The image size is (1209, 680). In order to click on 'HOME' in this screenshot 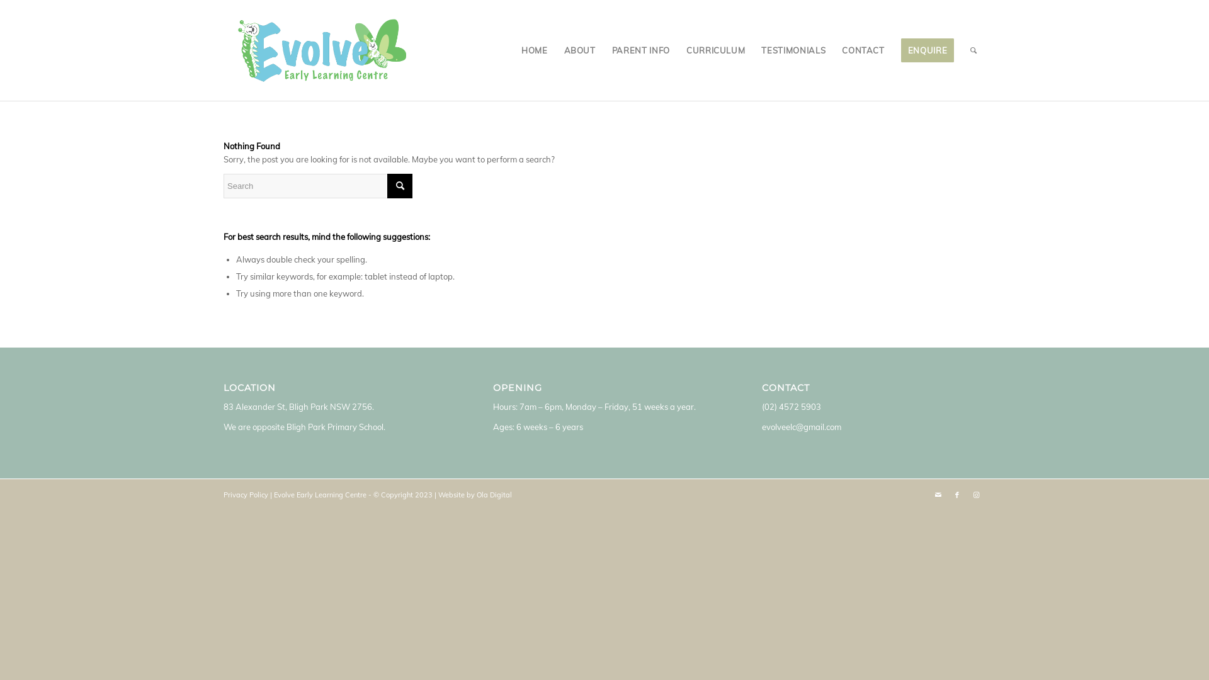, I will do `click(535, 50)`.